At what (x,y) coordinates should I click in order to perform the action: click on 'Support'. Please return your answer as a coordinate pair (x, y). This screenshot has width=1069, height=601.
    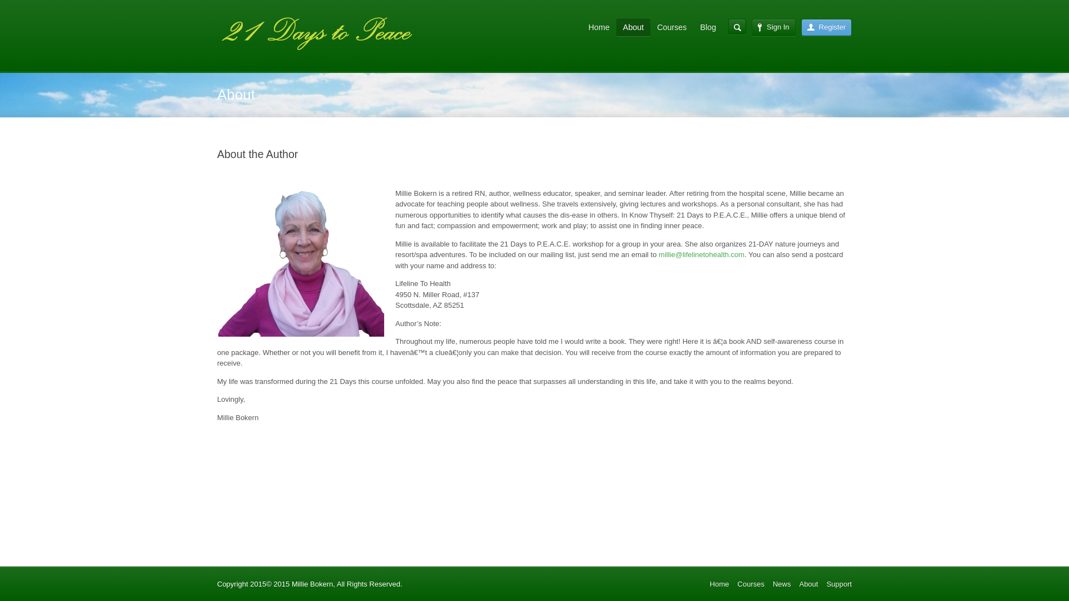
    Looking at the image, I should click on (839, 583).